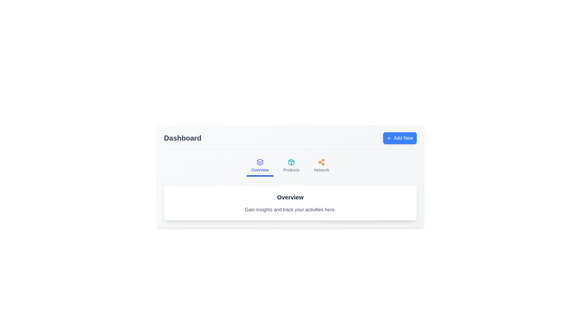 This screenshot has height=321, width=572. What do you see at coordinates (291, 166) in the screenshot?
I see `the Products tab` at bounding box center [291, 166].